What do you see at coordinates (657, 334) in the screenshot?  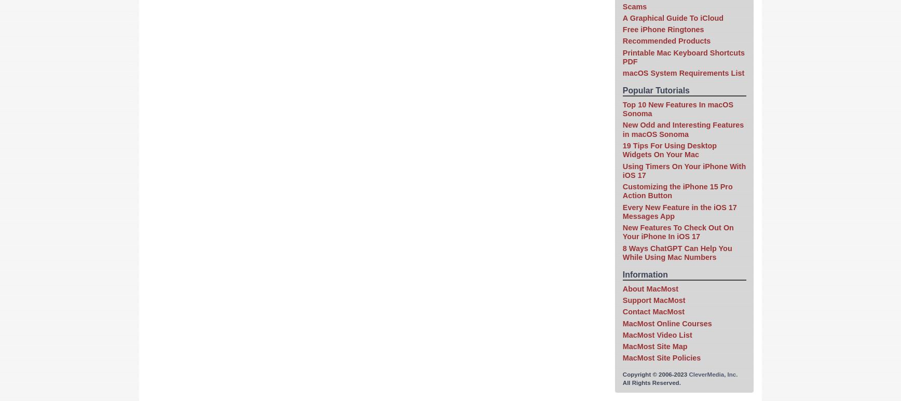 I see `'MacMost Video List'` at bounding box center [657, 334].